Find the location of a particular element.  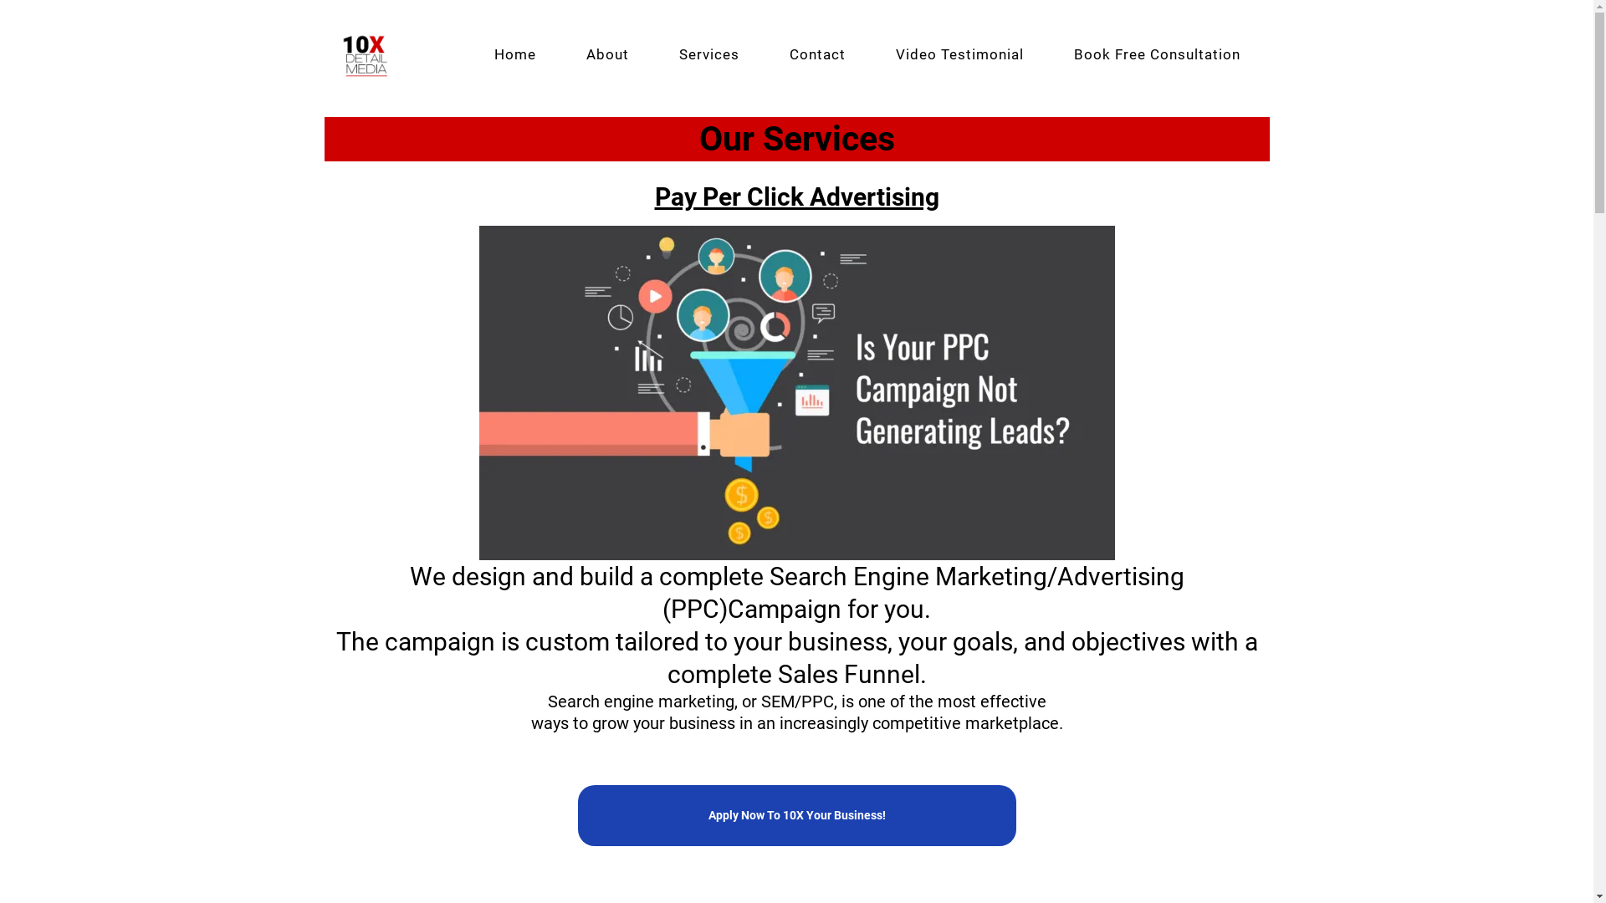

'Apply Now To 10X Your Business!' is located at coordinates (795, 814).